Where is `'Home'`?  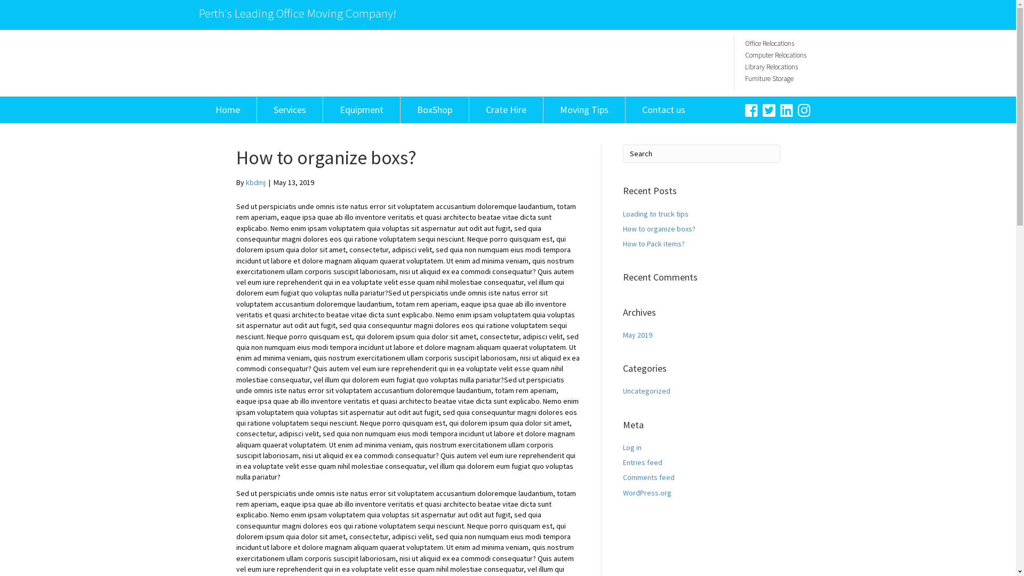
'Home' is located at coordinates (227, 109).